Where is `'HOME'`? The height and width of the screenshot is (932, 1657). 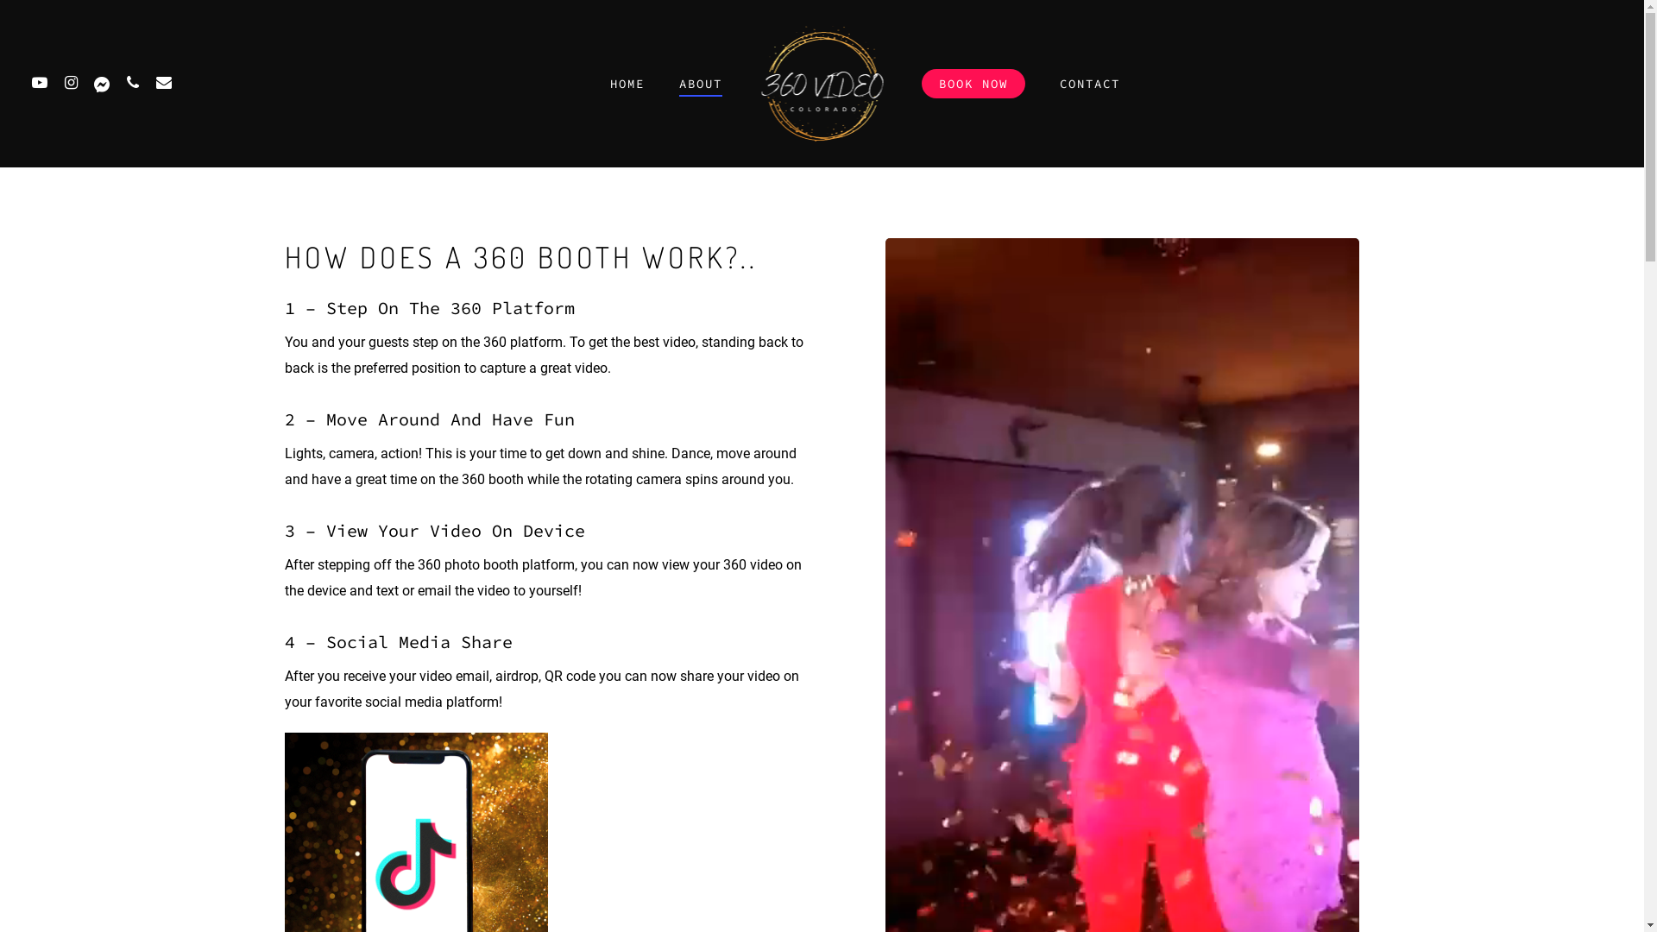
'HOME' is located at coordinates (625, 83).